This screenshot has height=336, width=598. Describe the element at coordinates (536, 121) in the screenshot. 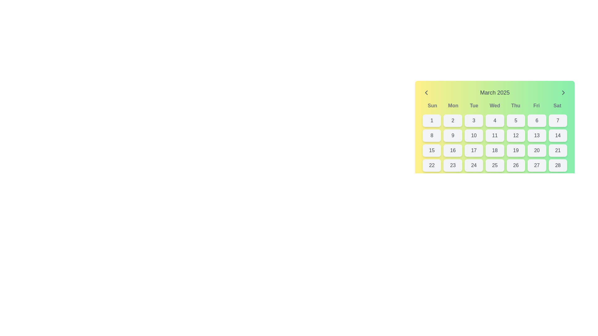

I see `the button located in the sixth column of the first row of the calendar grid` at that location.